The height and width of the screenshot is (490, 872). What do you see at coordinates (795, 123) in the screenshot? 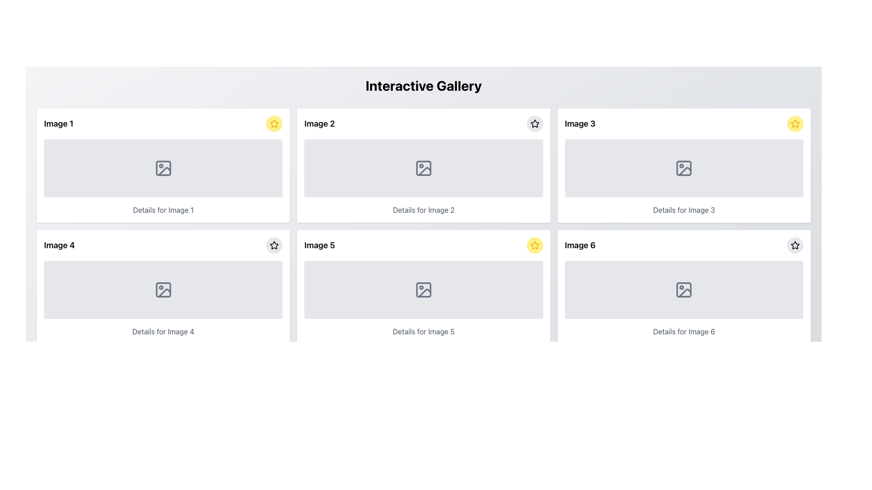
I see `the gold star icon located in the top-right corner of the card labeled 'Image 3'` at bounding box center [795, 123].